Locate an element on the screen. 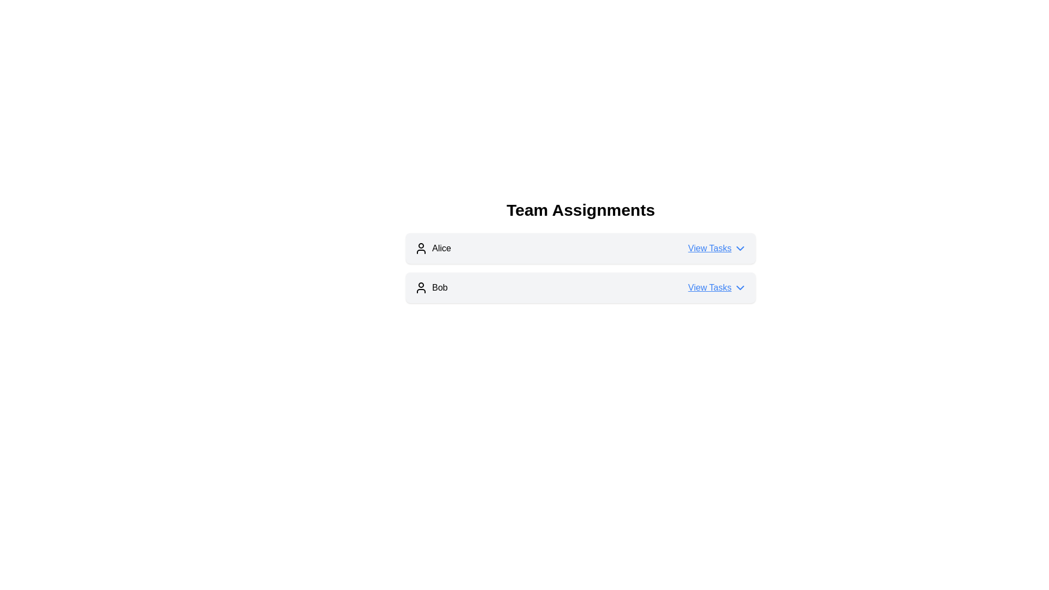  text content of the Text Label that identifies the user 'Alice' in the 'Team Assignments' section is located at coordinates (432, 249).